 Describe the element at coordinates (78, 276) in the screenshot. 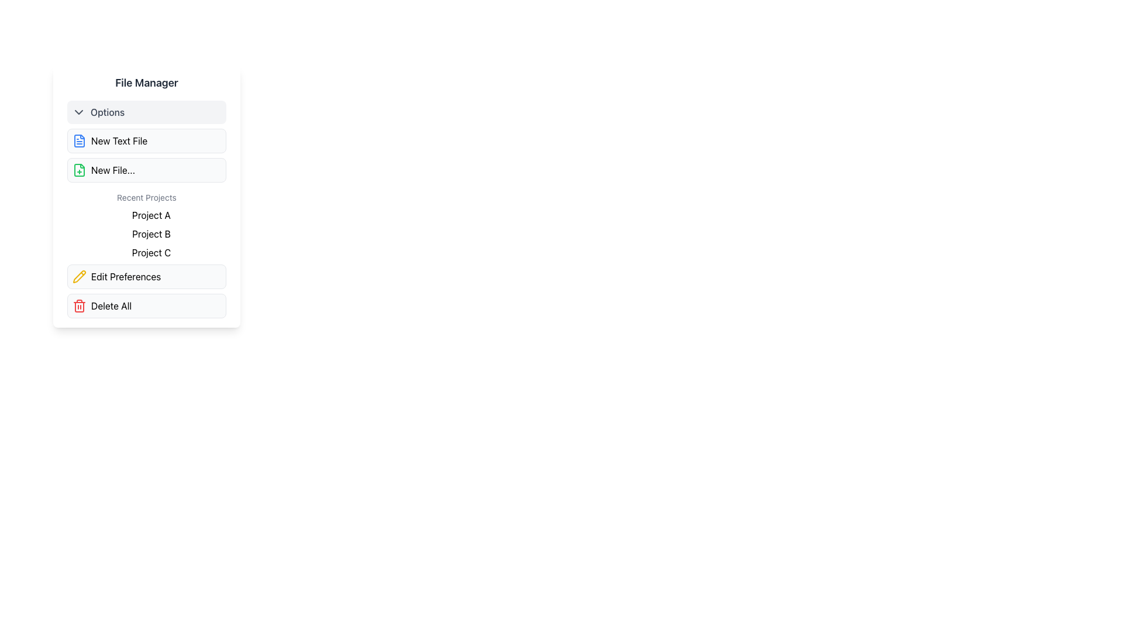

I see `the yellow pencil icon representing the 'Edit Preferences' function to initiate the edit process` at that location.